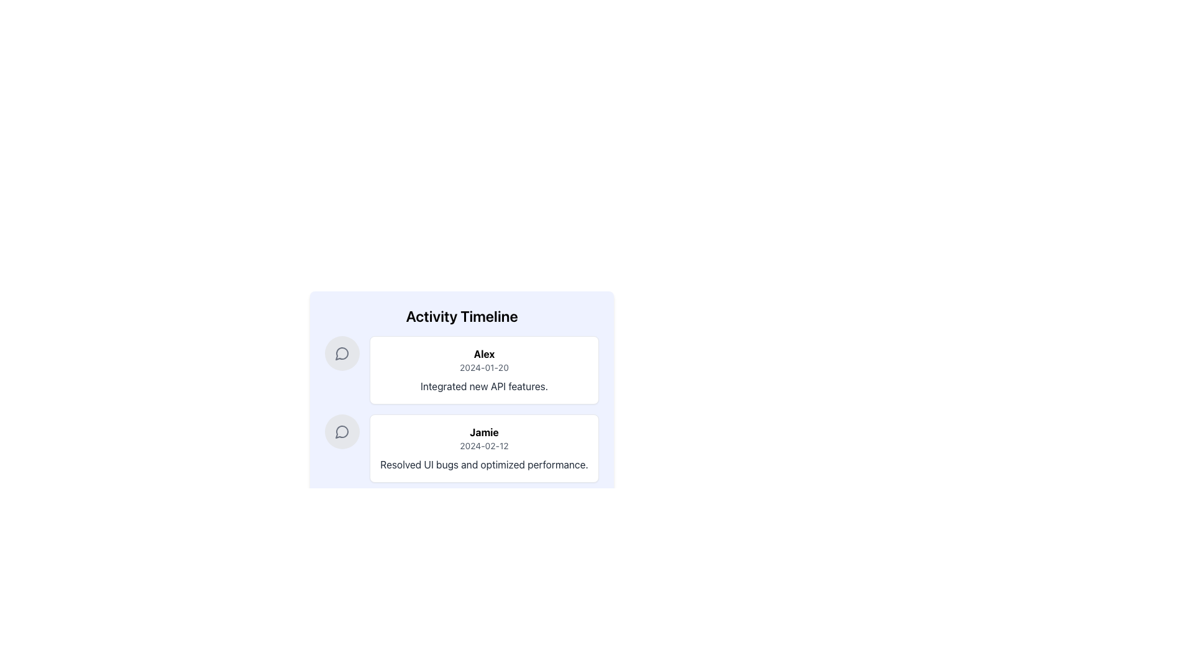 This screenshot has height=671, width=1193. I want to click on text element 'Activity Timeline' which is styled with a bold and larger font size, located at the top of the 'Activity Timeline' section on a light indigo background, so click(461, 316).